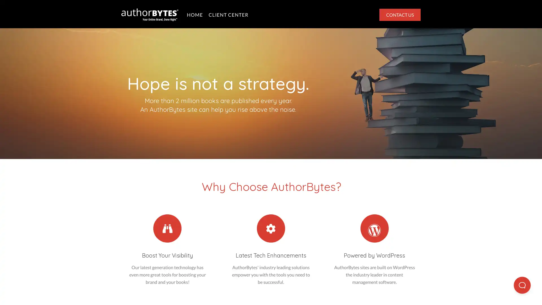 The width and height of the screenshot is (542, 305). I want to click on More Information, so click(47, 288).